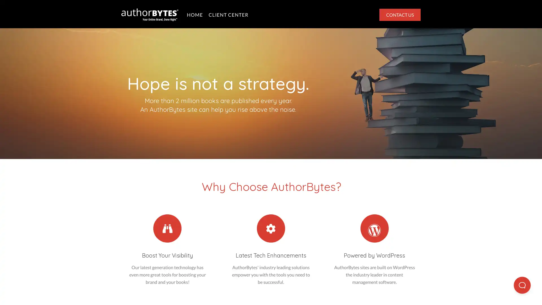 The width and height of the screenshot is (542, 305). I want to click on More Information, so click(47, 288).